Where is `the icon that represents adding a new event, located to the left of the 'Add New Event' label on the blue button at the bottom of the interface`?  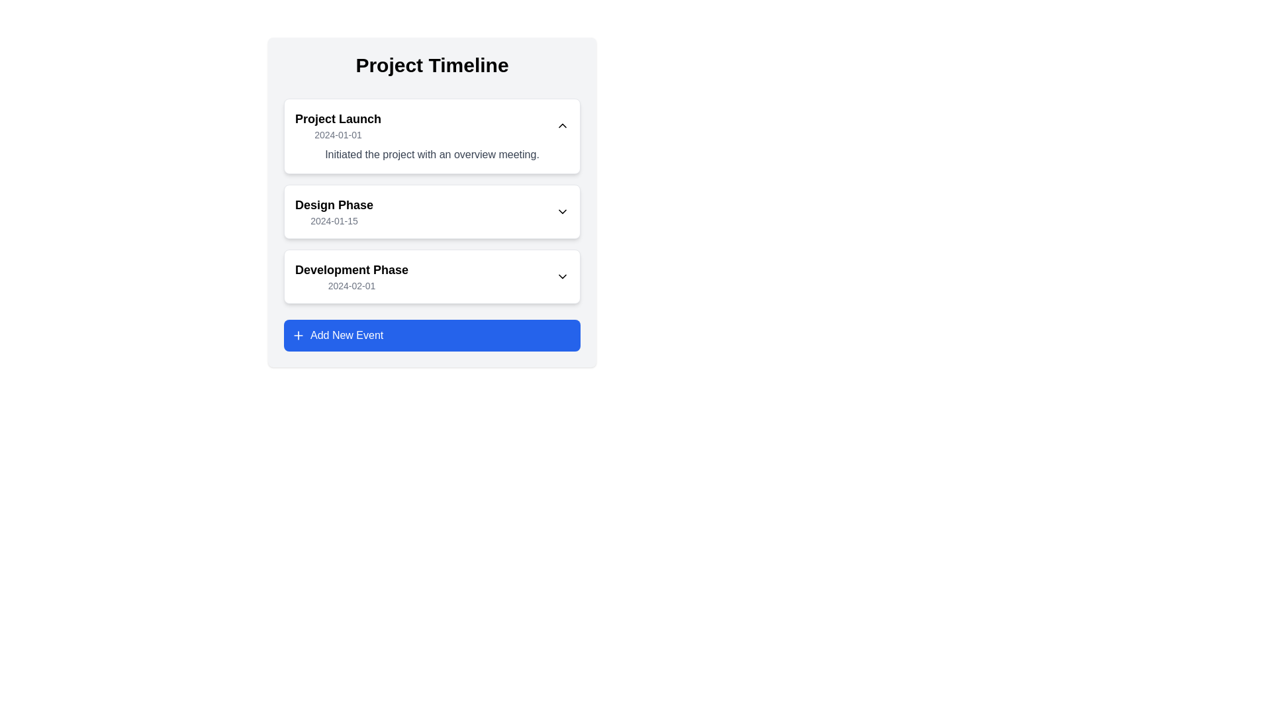 the icon that represents adding a new event, located to the left of the 'Add New Event' label on the blue button at the bottom of the interface is located at coordinates (298, 334).